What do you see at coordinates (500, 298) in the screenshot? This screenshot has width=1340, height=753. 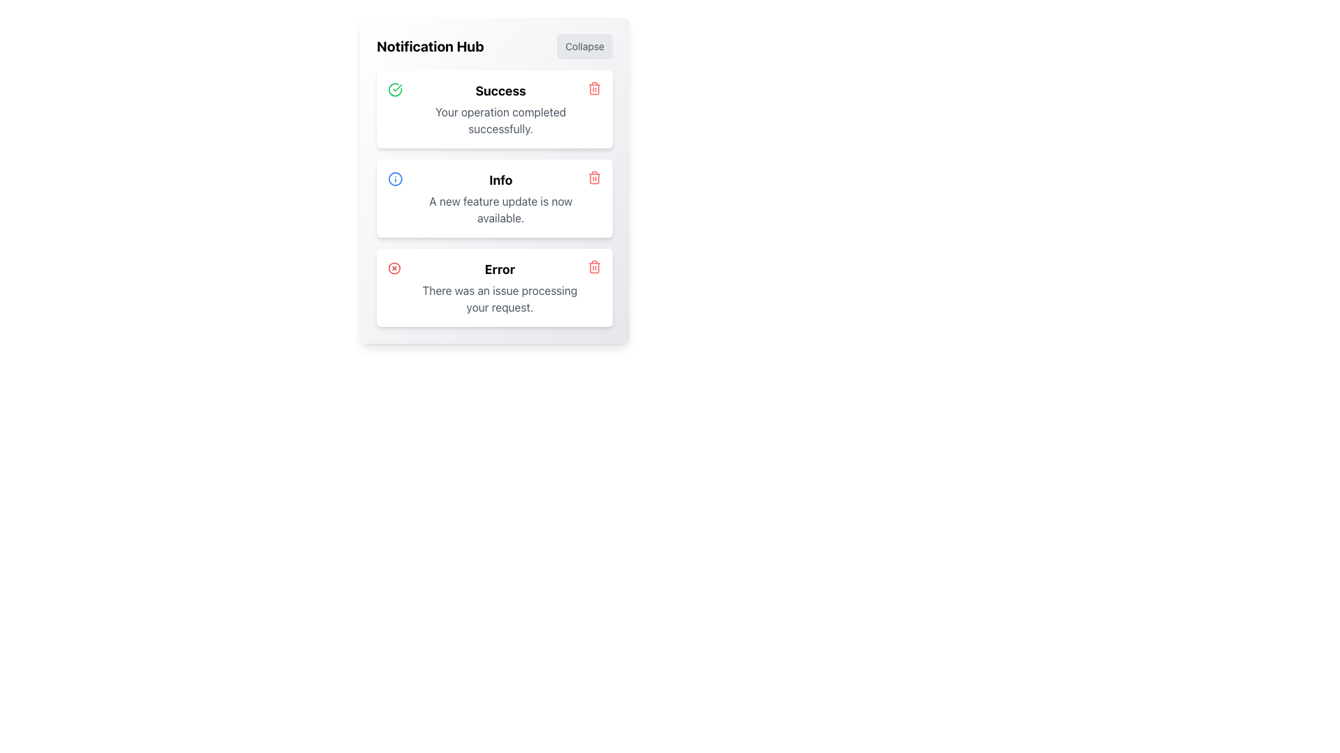 I see `the text label displaying the message 'There was an issue processing your request.' located within the 'Error' notification card` at bounding box center [500, 298].